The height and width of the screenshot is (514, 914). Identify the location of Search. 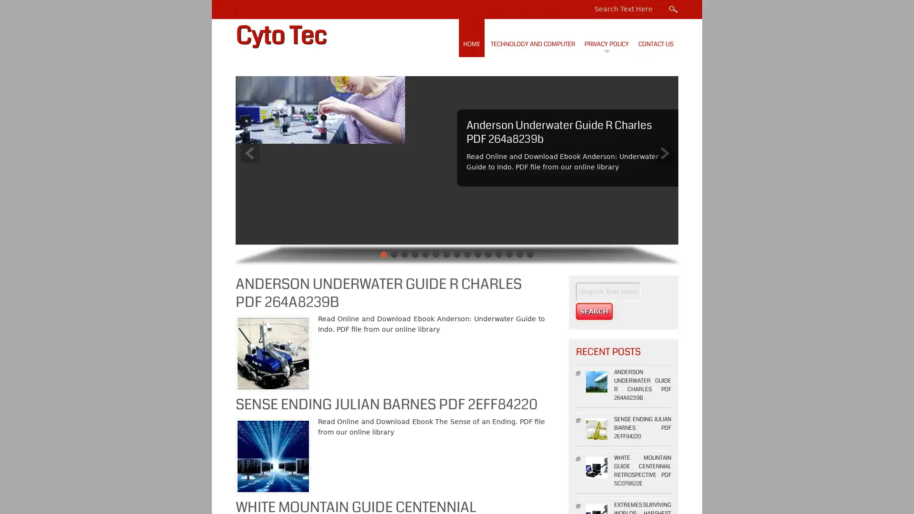
(594, 311).